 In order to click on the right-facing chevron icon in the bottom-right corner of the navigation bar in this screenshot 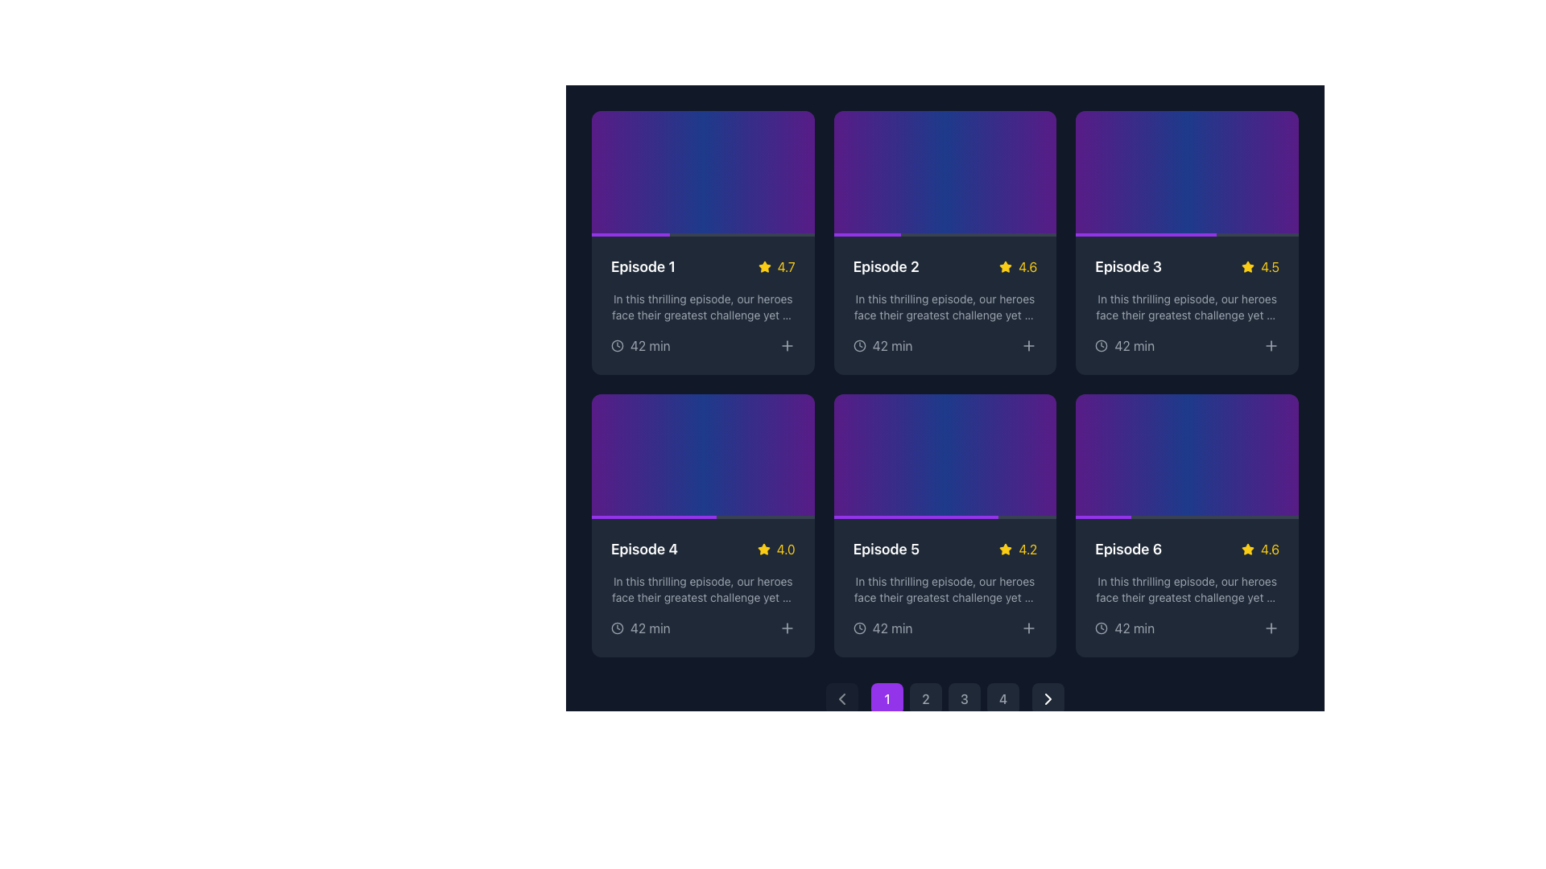, I will do `click(1048, 698)`.